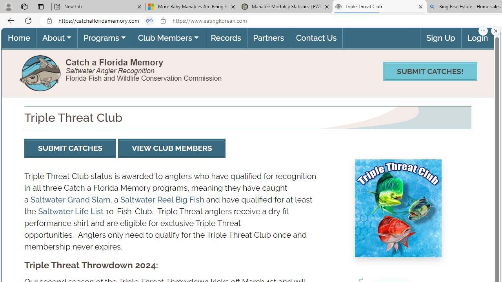  I want to click on 'About', so click(56, 38).